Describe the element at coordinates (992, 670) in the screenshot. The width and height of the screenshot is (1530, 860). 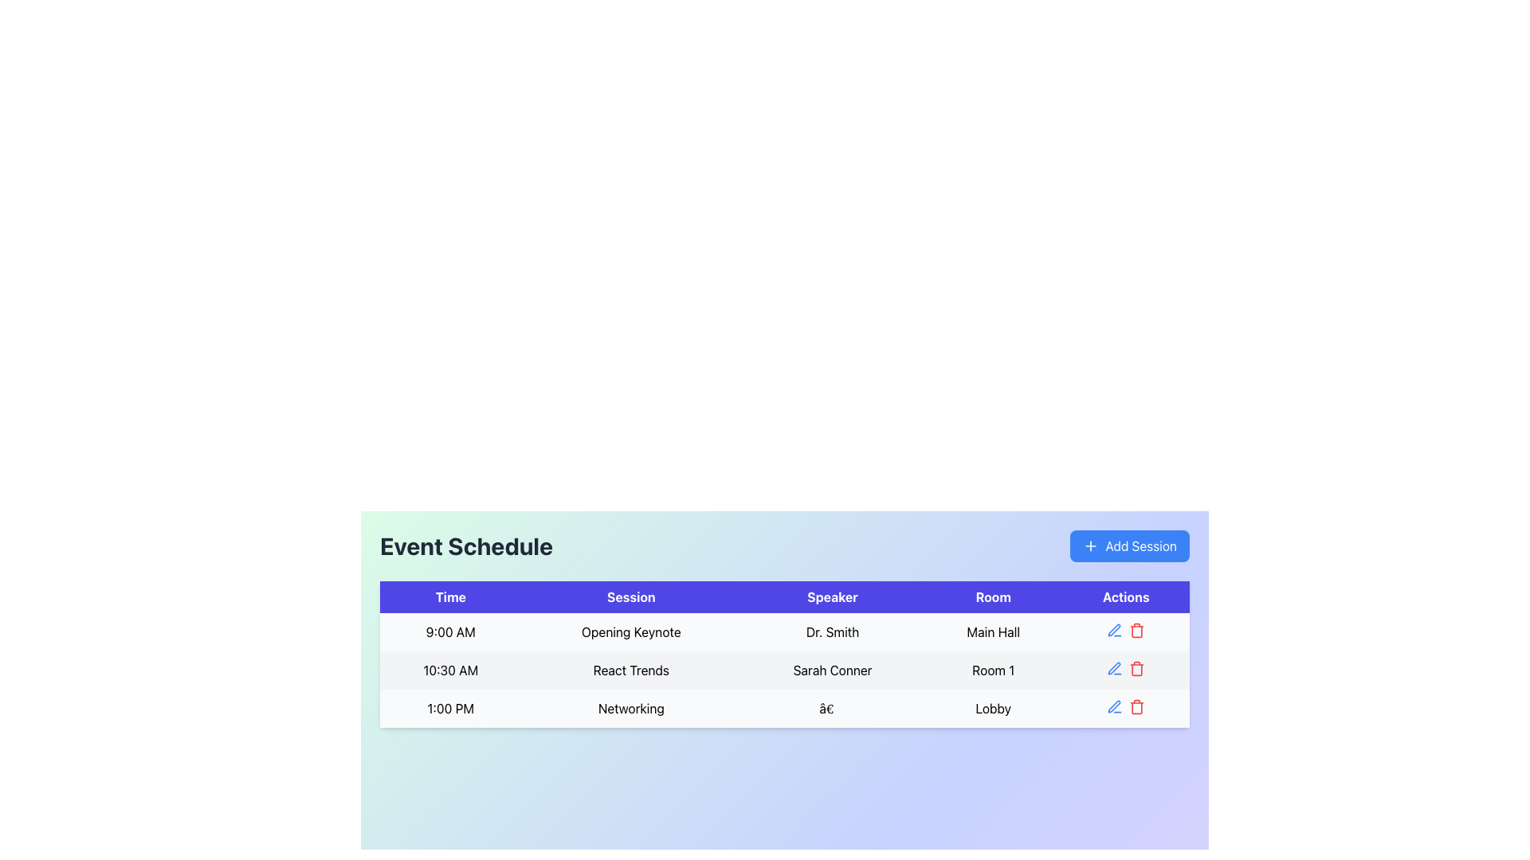
I see `the Text Display that signifies a room assignment for a particular session in the event schedule, located in the fourth column of the second data row of the table` at that location.